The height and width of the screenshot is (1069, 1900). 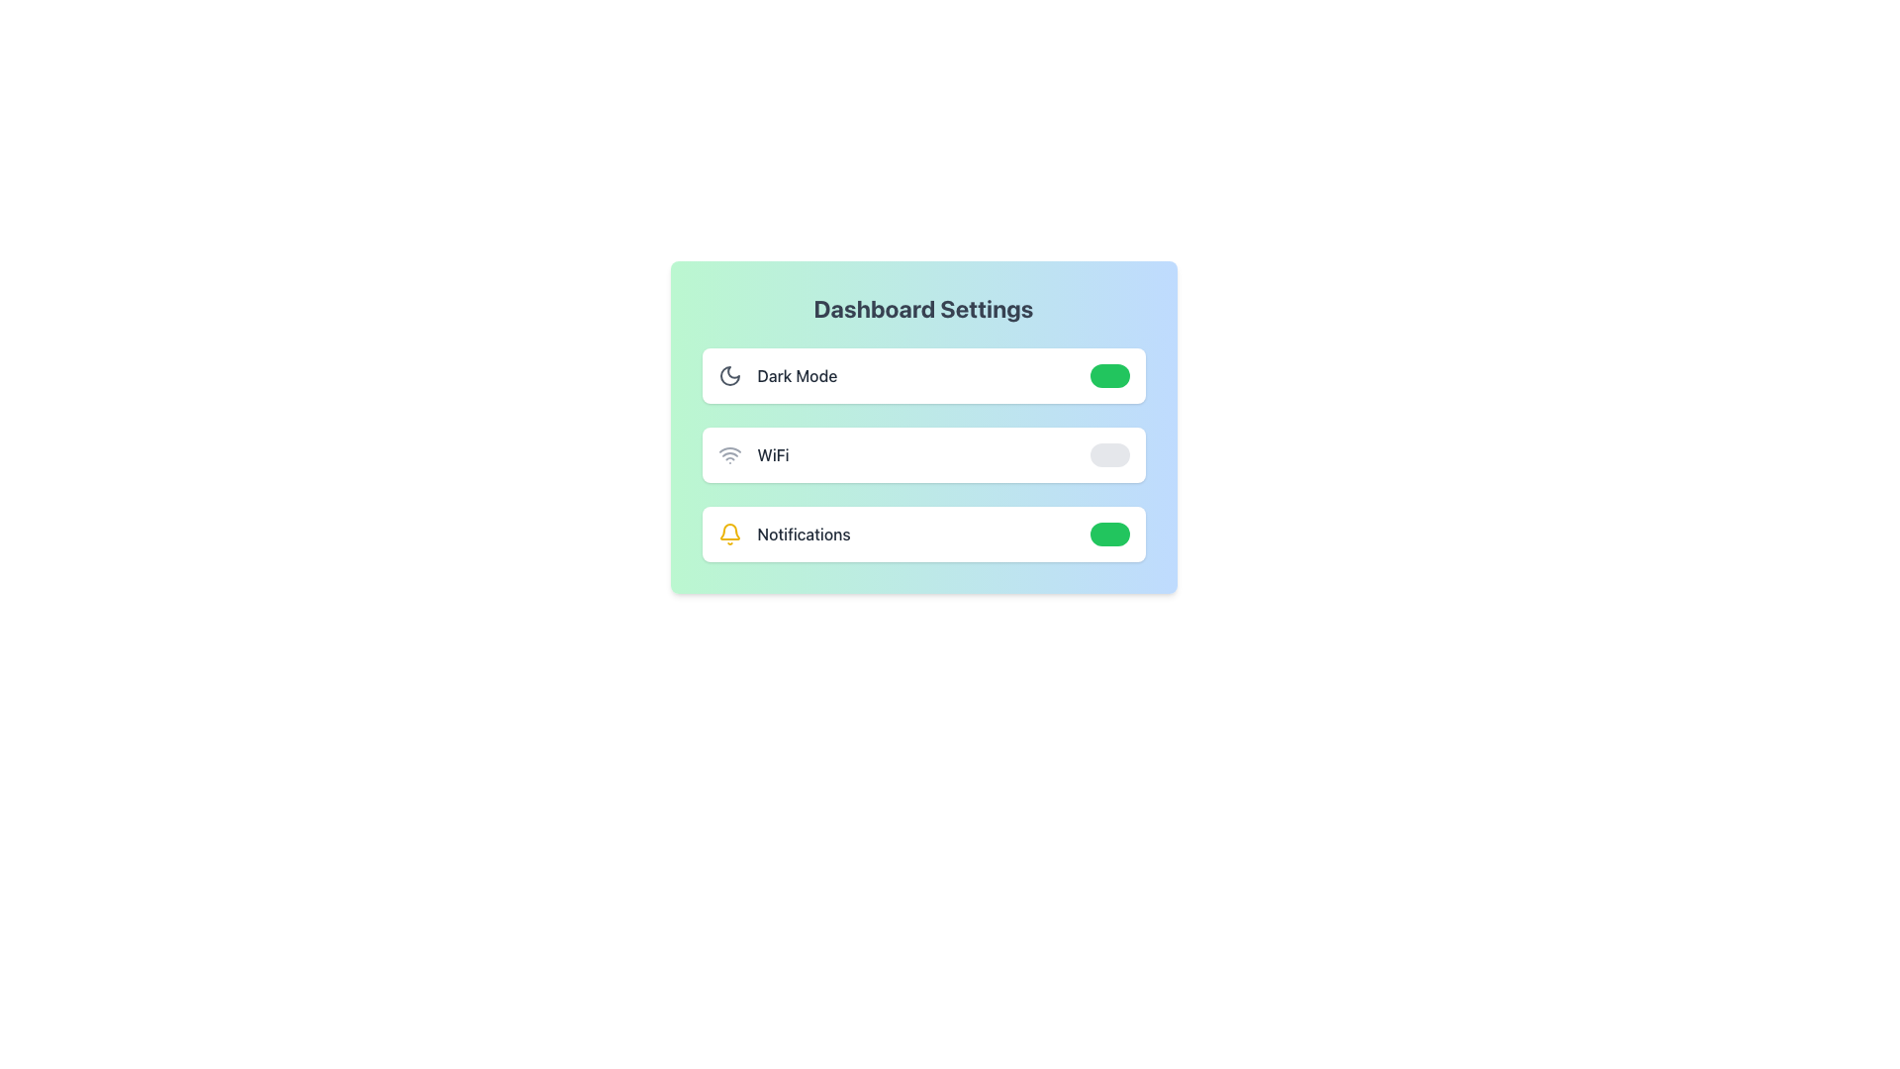 What do you see at coordinates (797, 376) in the screenshot?
I see `the 'Dark Mode' label, which is styled in medium-weight gray font and positioned next to a crescent moon icon and a toggle switch within the first entry of the Dashboard Settings` at bounding box center [797, 376].